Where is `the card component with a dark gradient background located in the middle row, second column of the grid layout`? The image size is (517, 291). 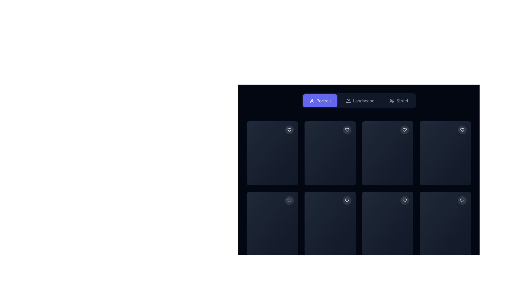 the card component with a dark gradient background located in the middle row, second column of the grid layout is located at coordinates (330, 173).